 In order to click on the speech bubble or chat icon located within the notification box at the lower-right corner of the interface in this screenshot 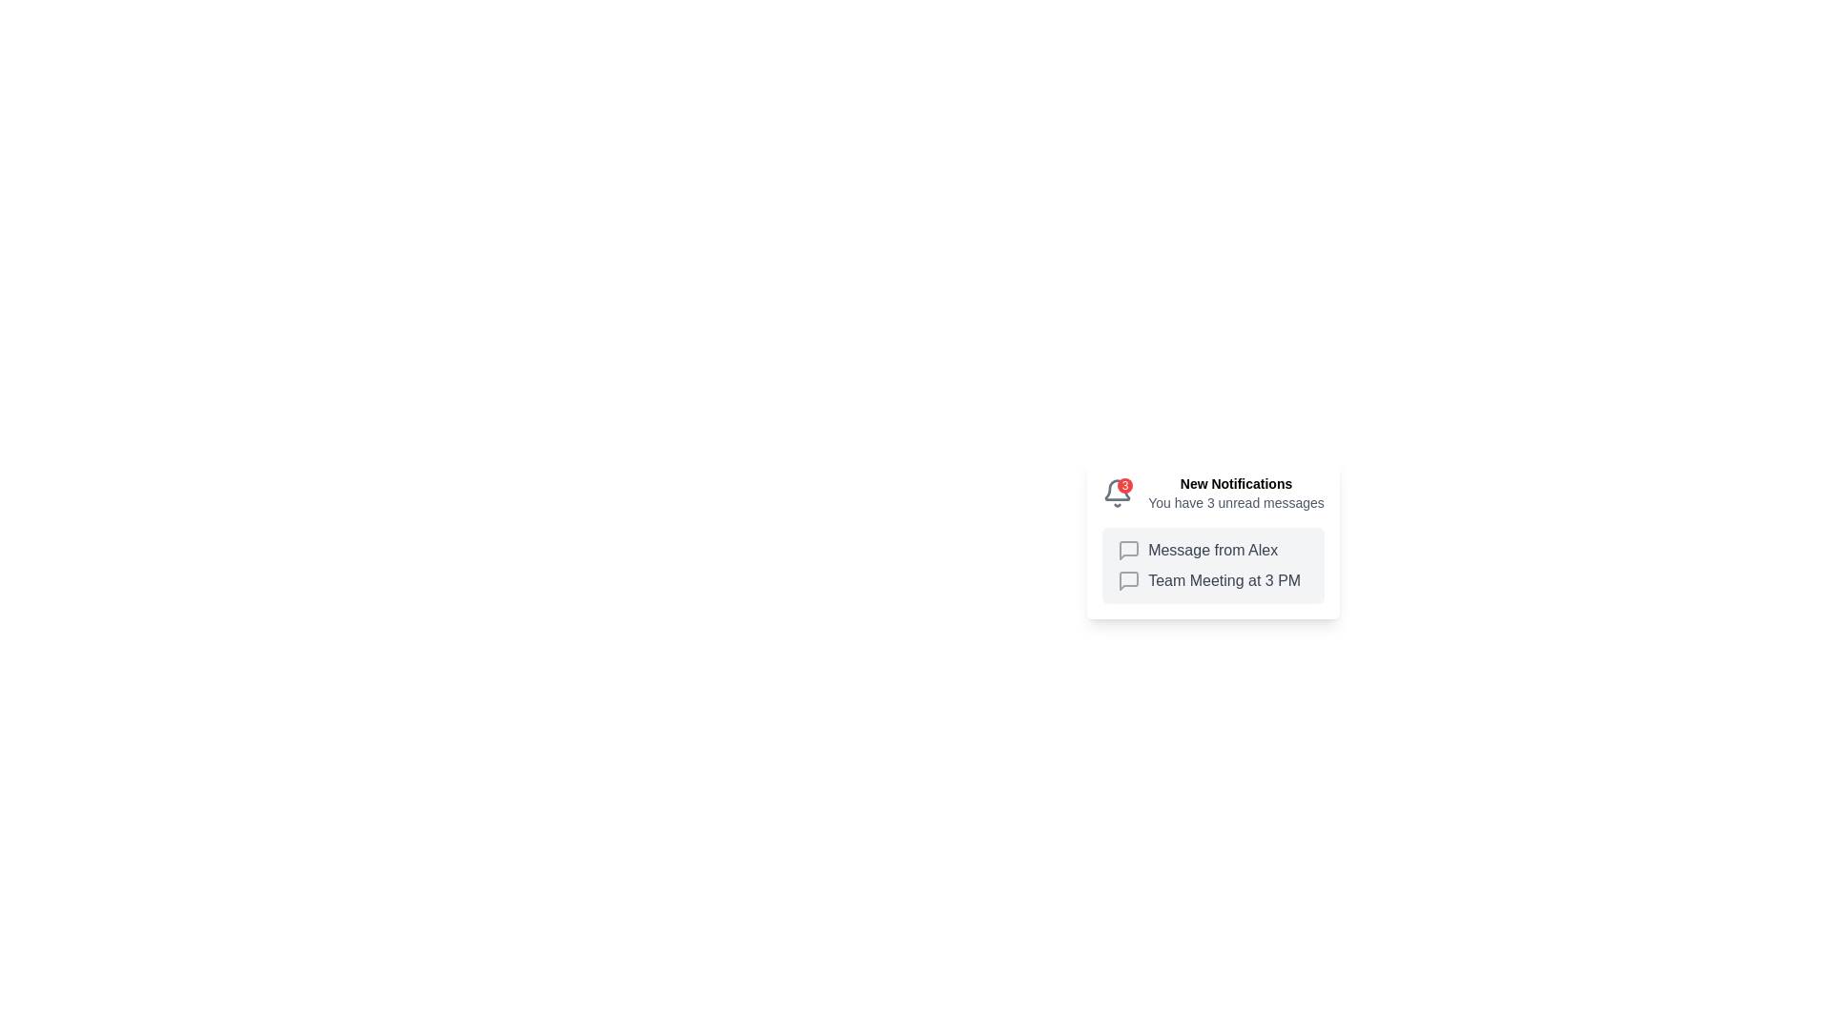, I will do `click(1129, 579)`.